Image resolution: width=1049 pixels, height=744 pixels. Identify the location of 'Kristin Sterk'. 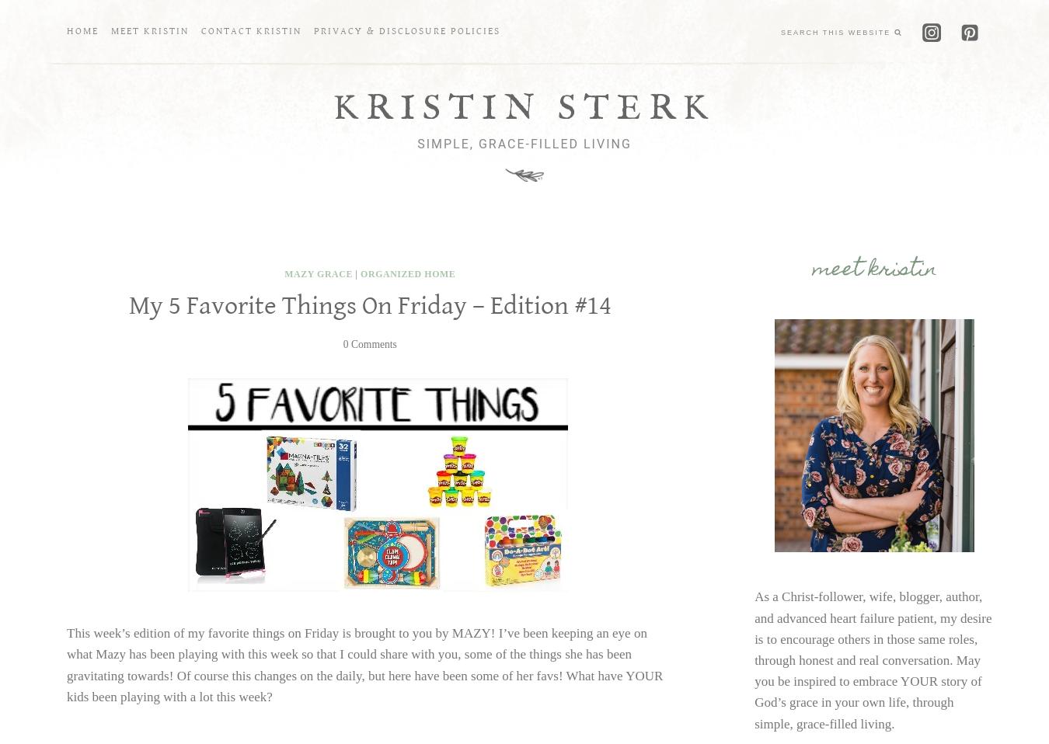
(524, 108).